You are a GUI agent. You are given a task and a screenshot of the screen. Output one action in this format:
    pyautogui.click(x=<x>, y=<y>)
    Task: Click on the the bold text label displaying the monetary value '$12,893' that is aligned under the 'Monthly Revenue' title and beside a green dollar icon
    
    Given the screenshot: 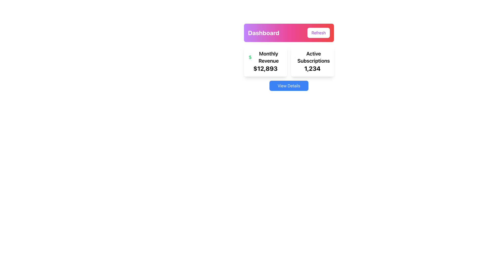 What is the action you would take?
    pyautogui.click(x=265, y=68)
    